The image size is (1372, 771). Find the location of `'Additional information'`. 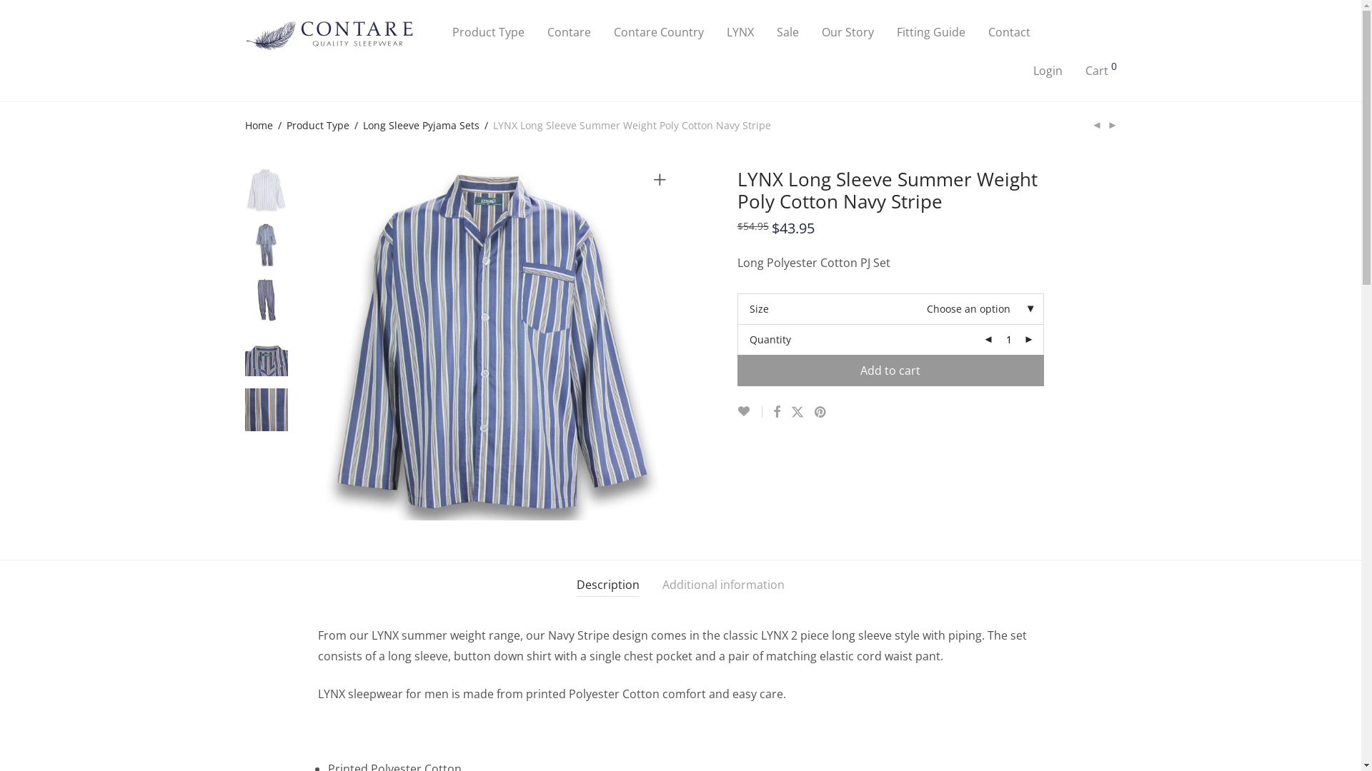

'Additional information' is located at coordinates (723, 585).